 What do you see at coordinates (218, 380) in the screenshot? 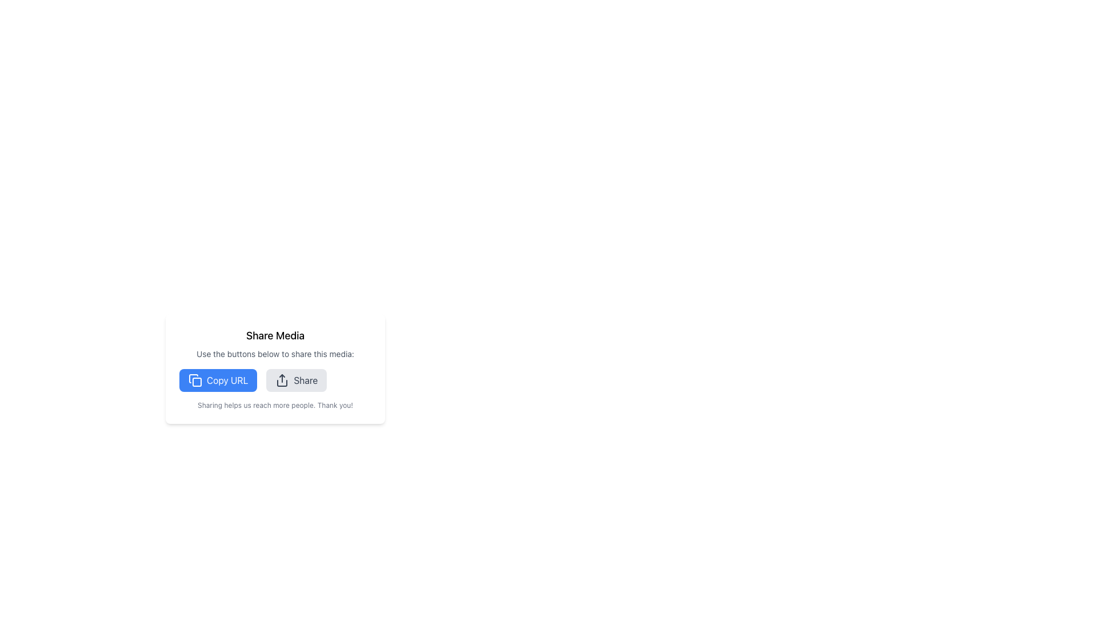
I see `the 'Copy URL' button located towards the bottom center of the page` at bounding box center [218, 380].